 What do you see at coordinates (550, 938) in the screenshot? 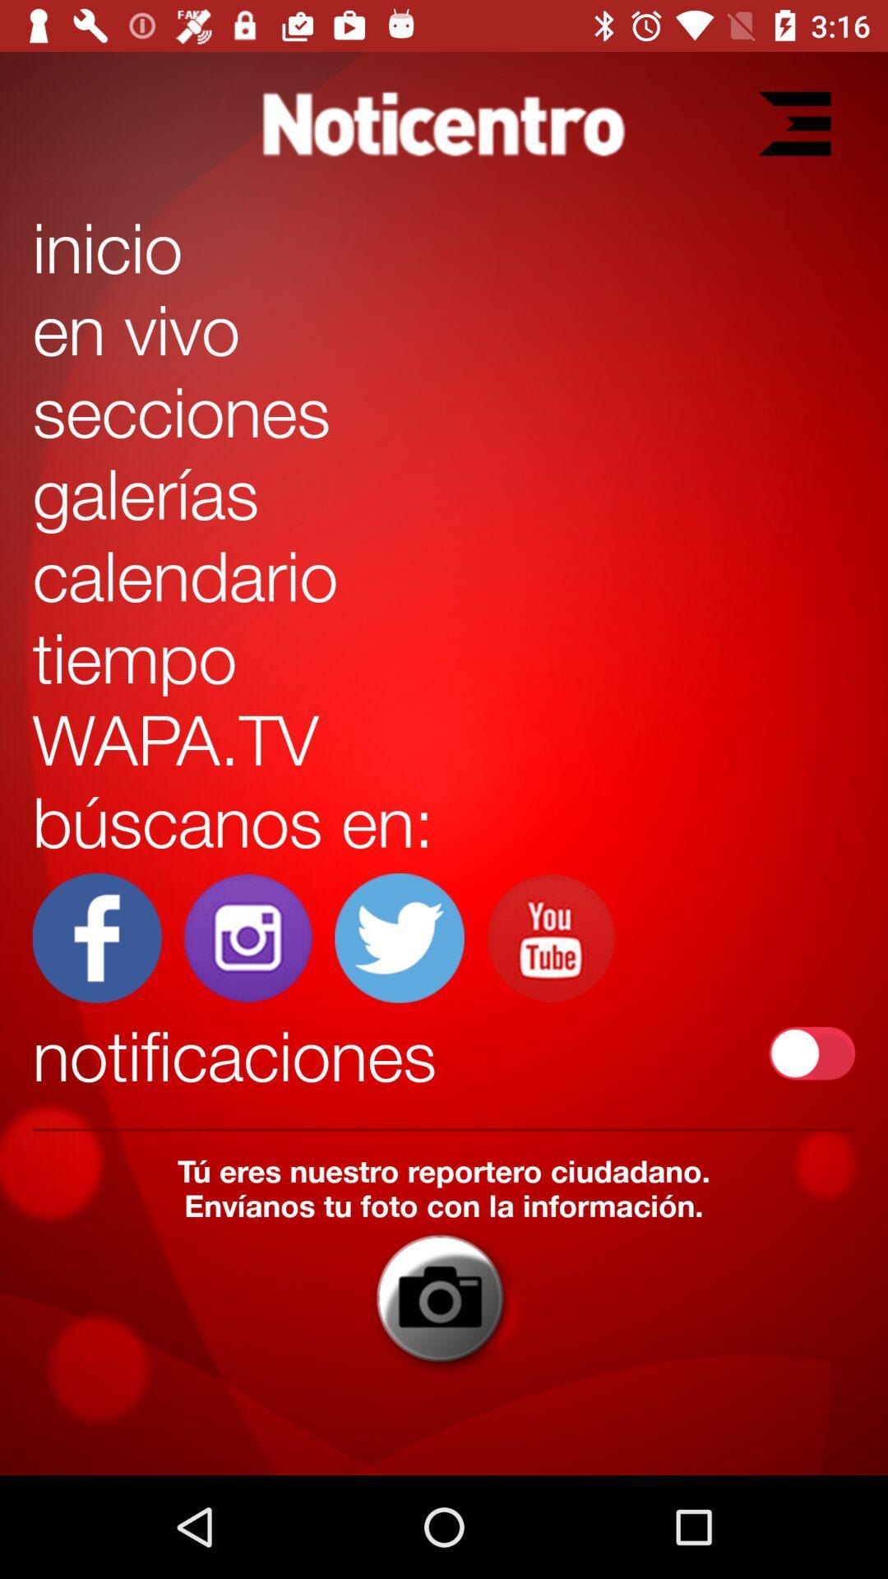
I see `youtube switch` at bounding box center [550, 938].